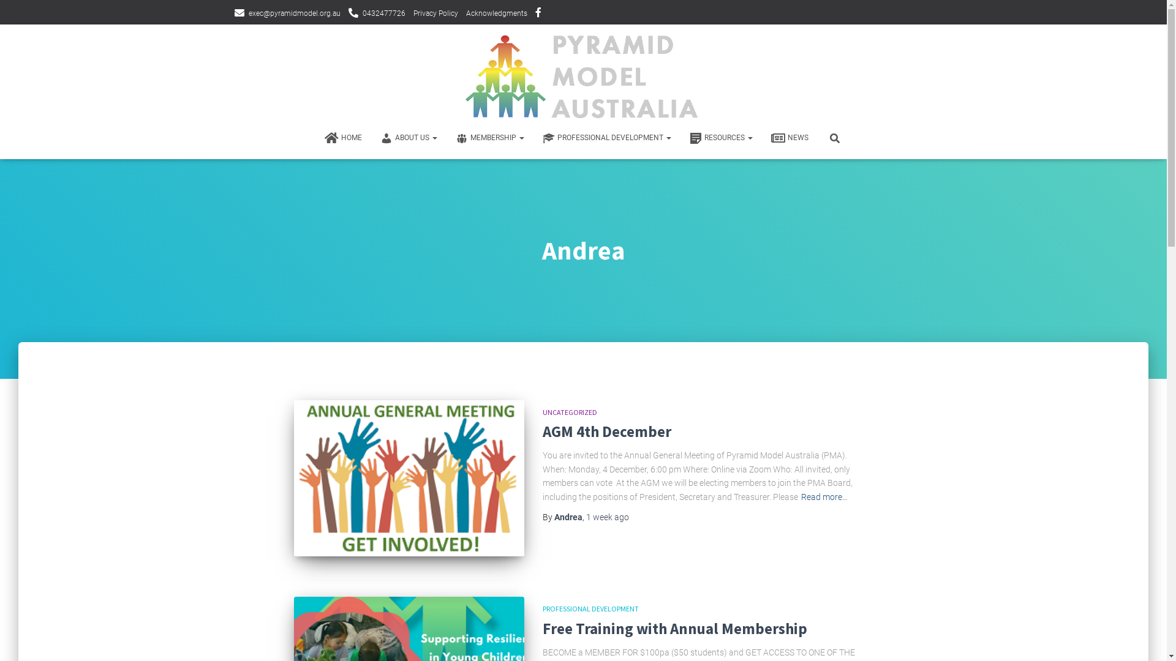  Describe the element at coordinates (409, 137) in the screenshot. I see `'ABOUT US'` at that location.